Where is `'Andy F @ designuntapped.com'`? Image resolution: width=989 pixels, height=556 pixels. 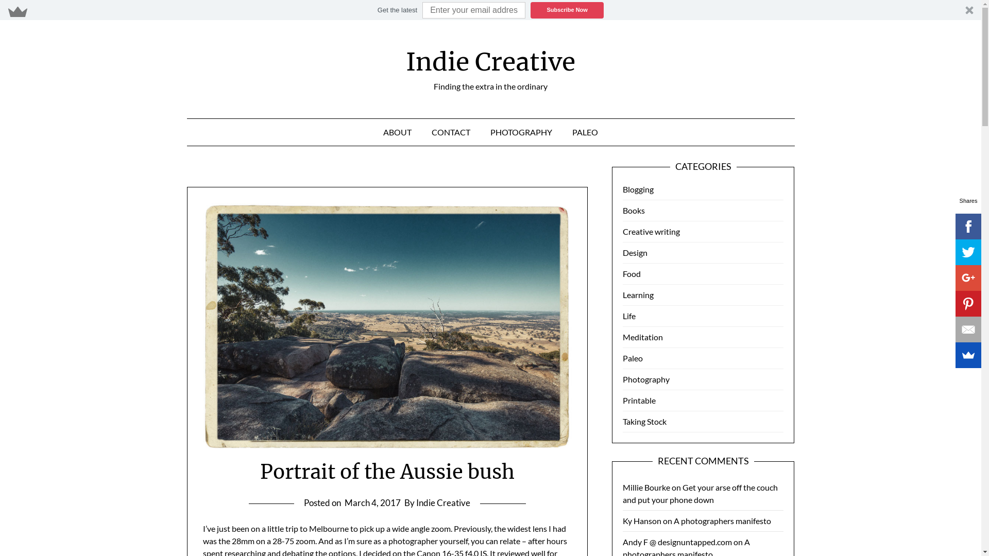
'Andy F @ designuntapped.com' is located at coordinates (677, 541).